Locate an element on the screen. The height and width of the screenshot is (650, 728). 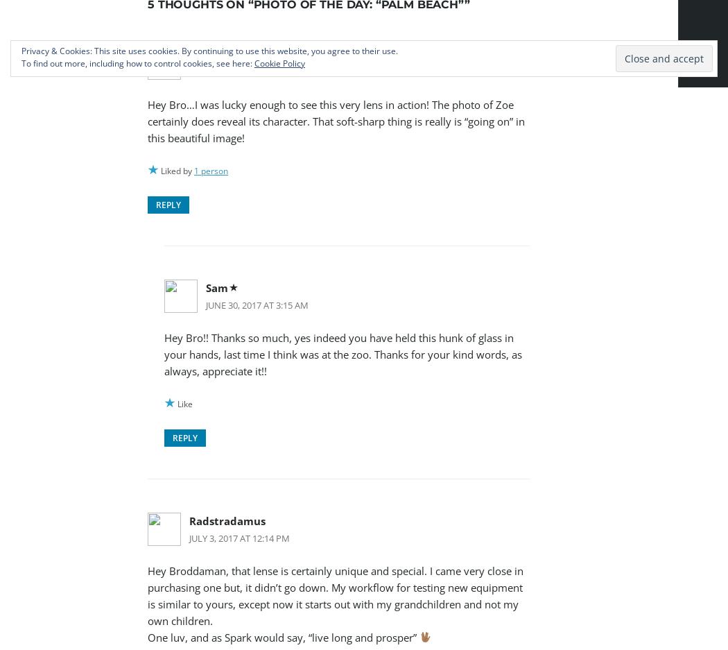
'July 3, 2017 at 12:14 pm' is located at coordinates (239, 537).